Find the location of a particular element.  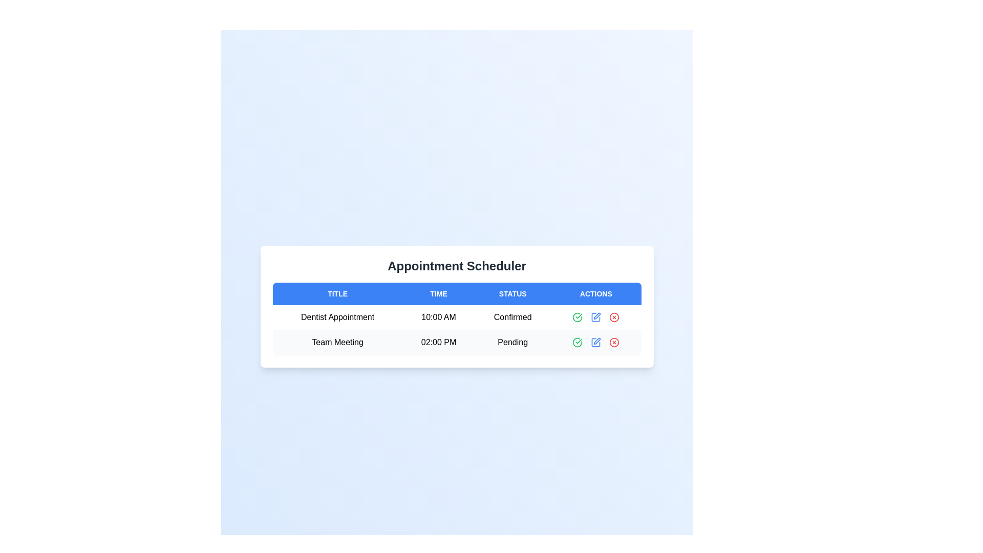

the small circular icon button resembling a checkmark inside a circle, located in the 'Actions' column of the second row in the table is located at coordinates (578, 342).